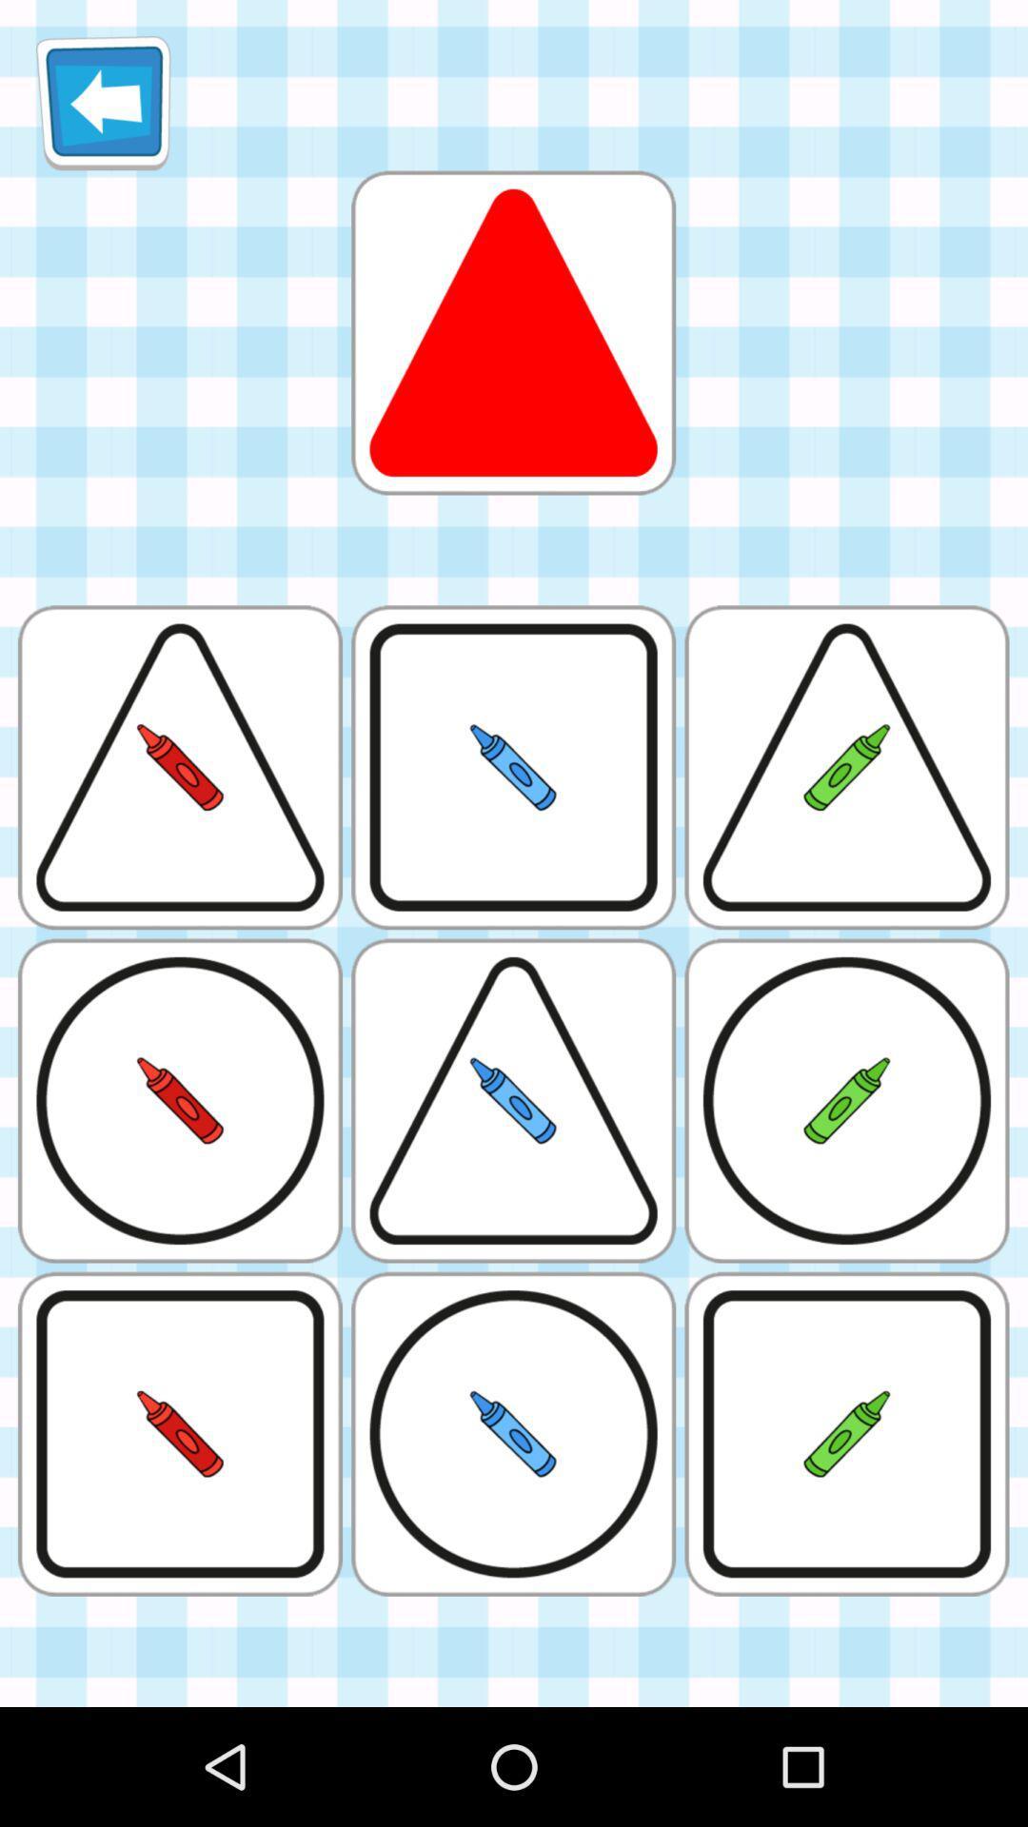 The width and height of the screenshot is (1028, 1827). What do you see at coordinates (180, 767) in the screenshot?
I see `the first image in the second row` at bounding box center [180, 767].